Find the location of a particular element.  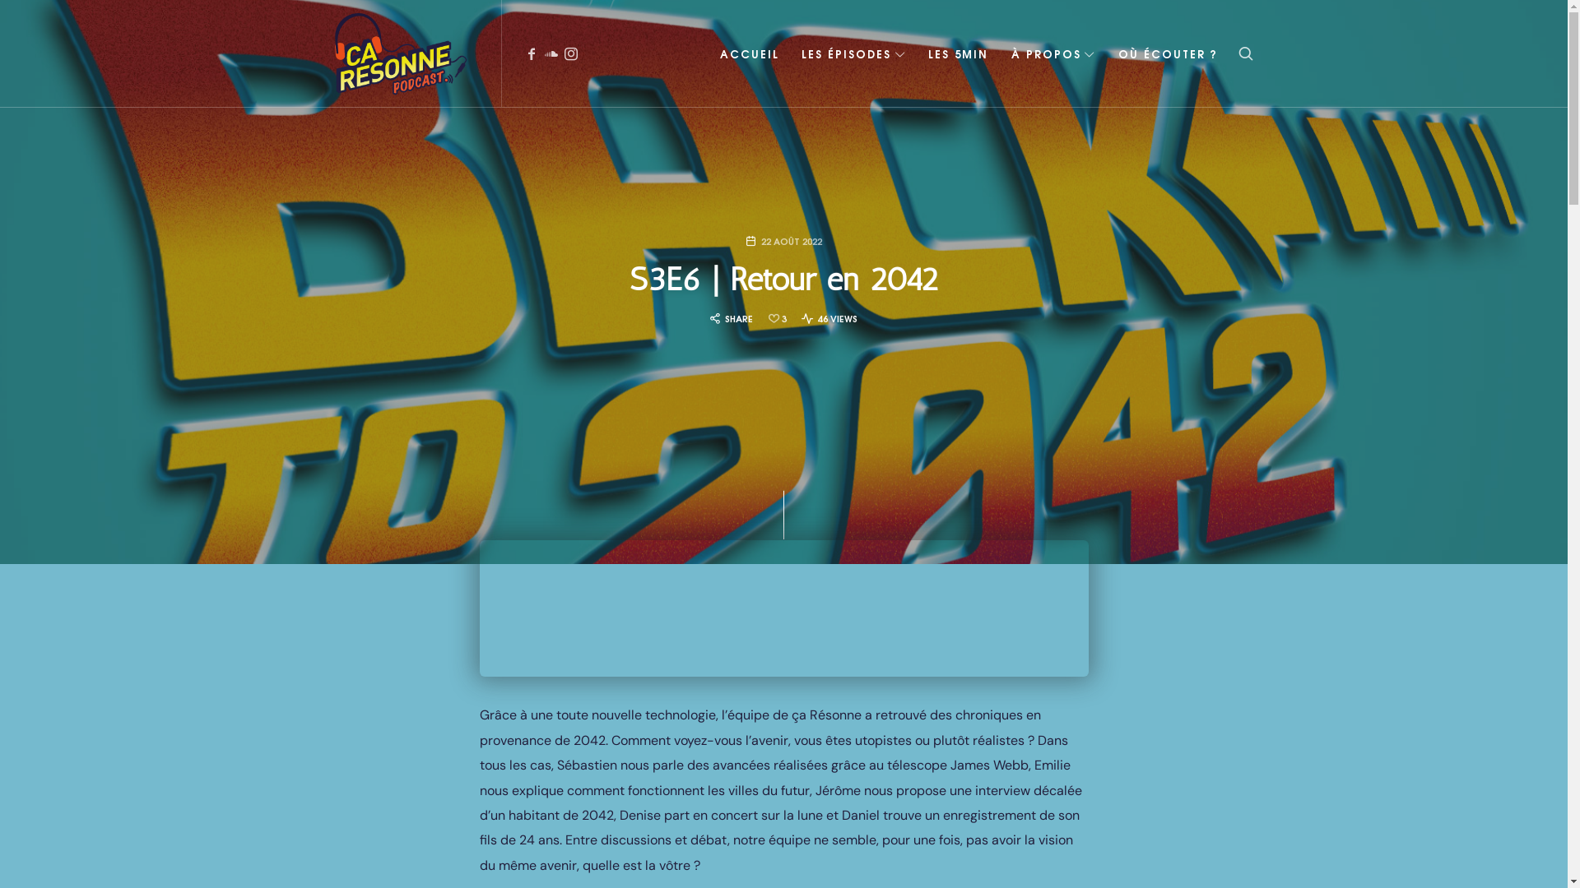

'LES 5MIN' is located at coordinates (958, 53).